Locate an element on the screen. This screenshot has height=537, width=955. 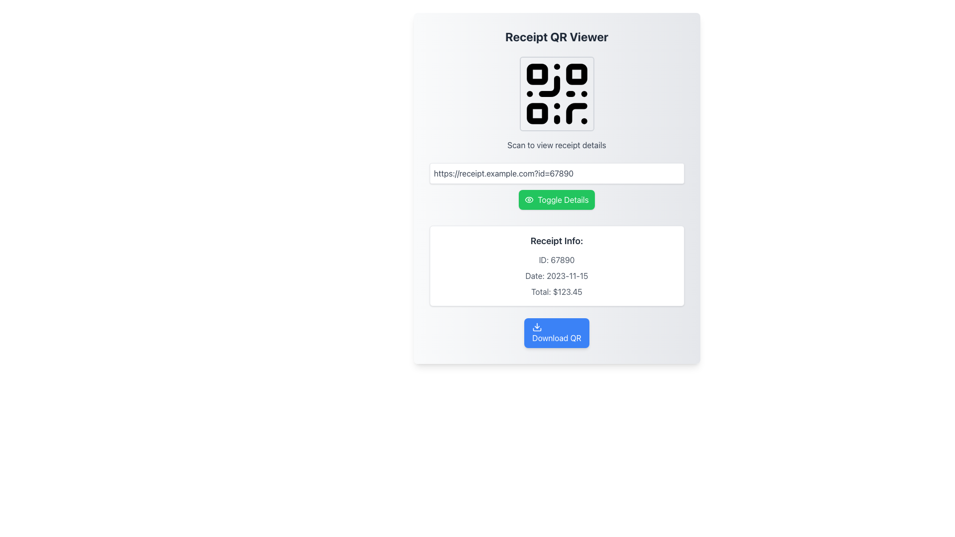
the Static Text element displaying the total amount due, formatted as 'Total: $123.45', which is located centrally at the bottom of the receipt information section is located at coordinates (556, 291).